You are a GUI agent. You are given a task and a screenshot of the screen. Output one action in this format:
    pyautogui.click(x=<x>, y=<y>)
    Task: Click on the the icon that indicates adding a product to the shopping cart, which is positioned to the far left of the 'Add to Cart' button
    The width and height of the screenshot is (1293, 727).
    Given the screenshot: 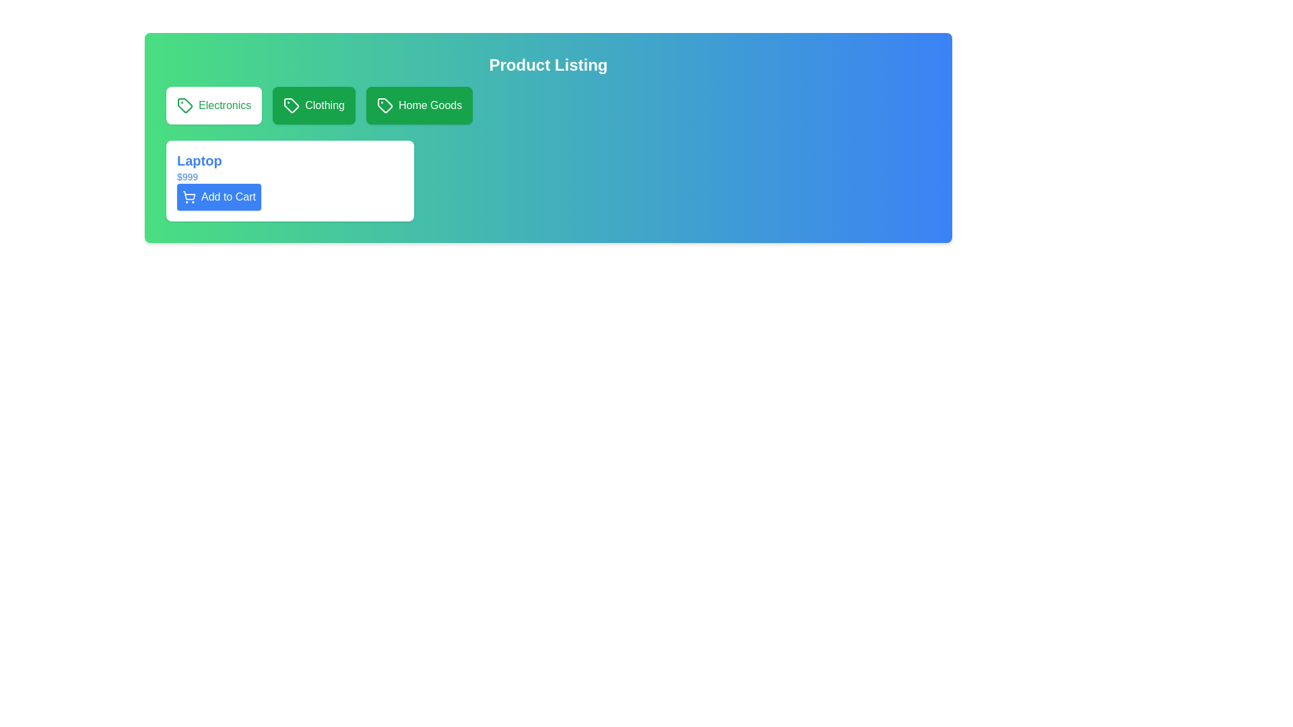 What is the action you would take?
    pyautogui.click(x=189, y=197)
    